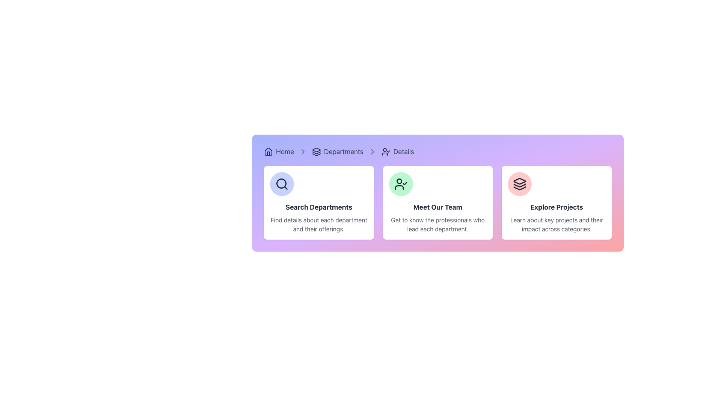  I want to click on the Icon located on the breadcrumb navigation bar, which is positioned immediately before the 'Departments' label, so click(317, 152).